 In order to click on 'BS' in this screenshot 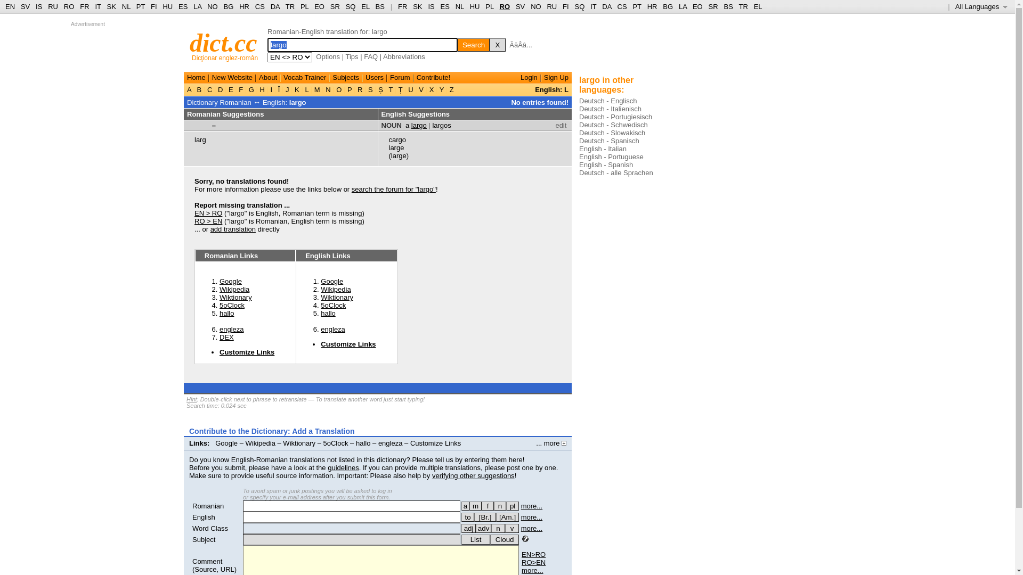, I will do `click(380, 6)`.